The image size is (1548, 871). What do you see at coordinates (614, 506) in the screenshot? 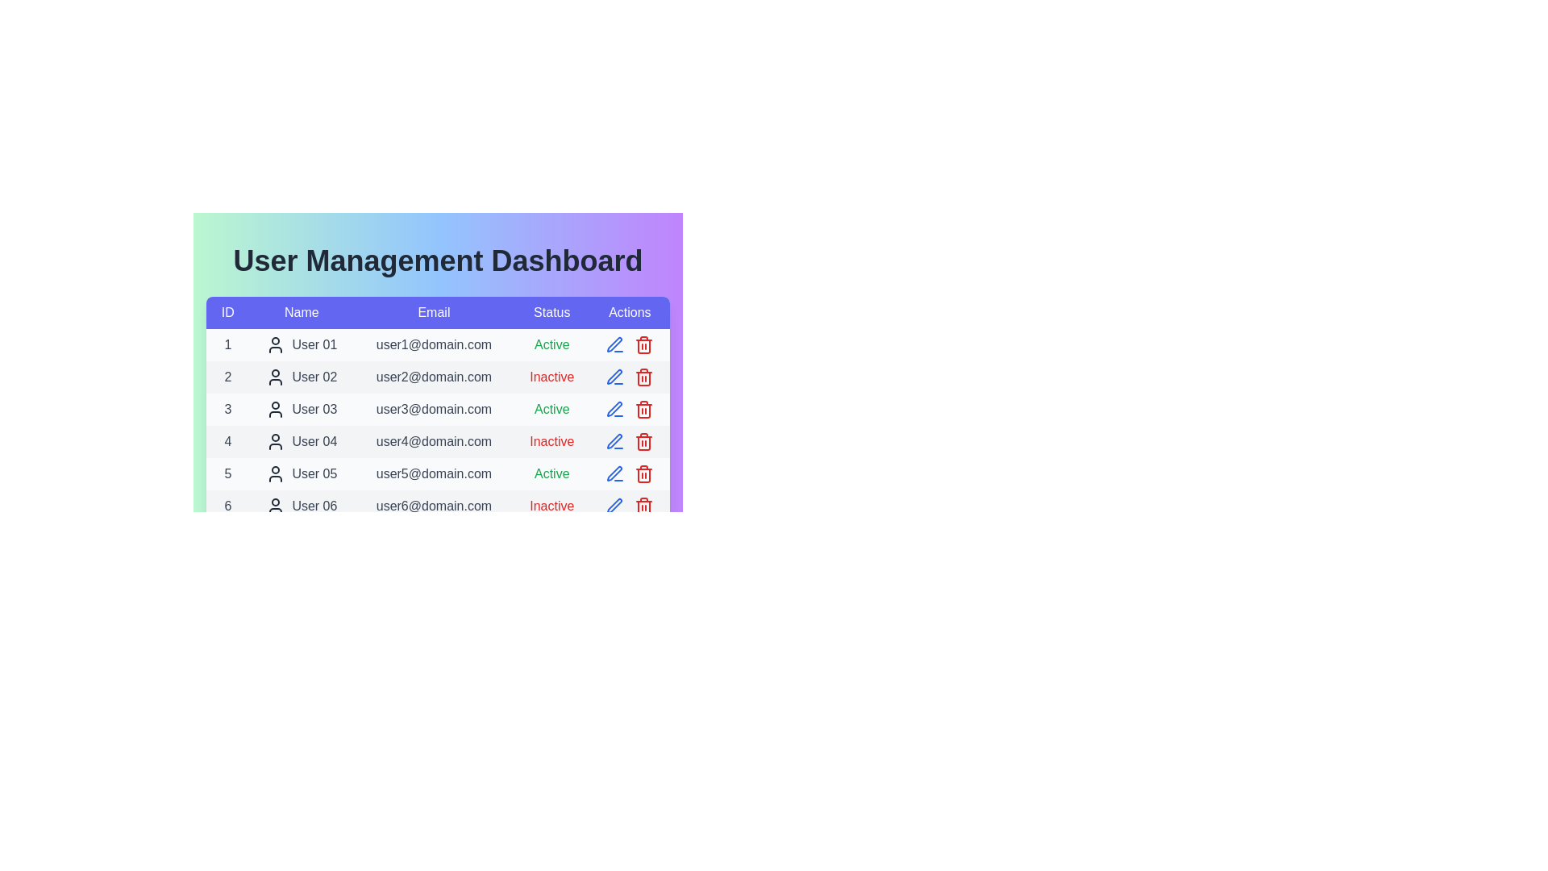
I see `the edit icon for the user with ID 6` at bounding box center [614, 506].